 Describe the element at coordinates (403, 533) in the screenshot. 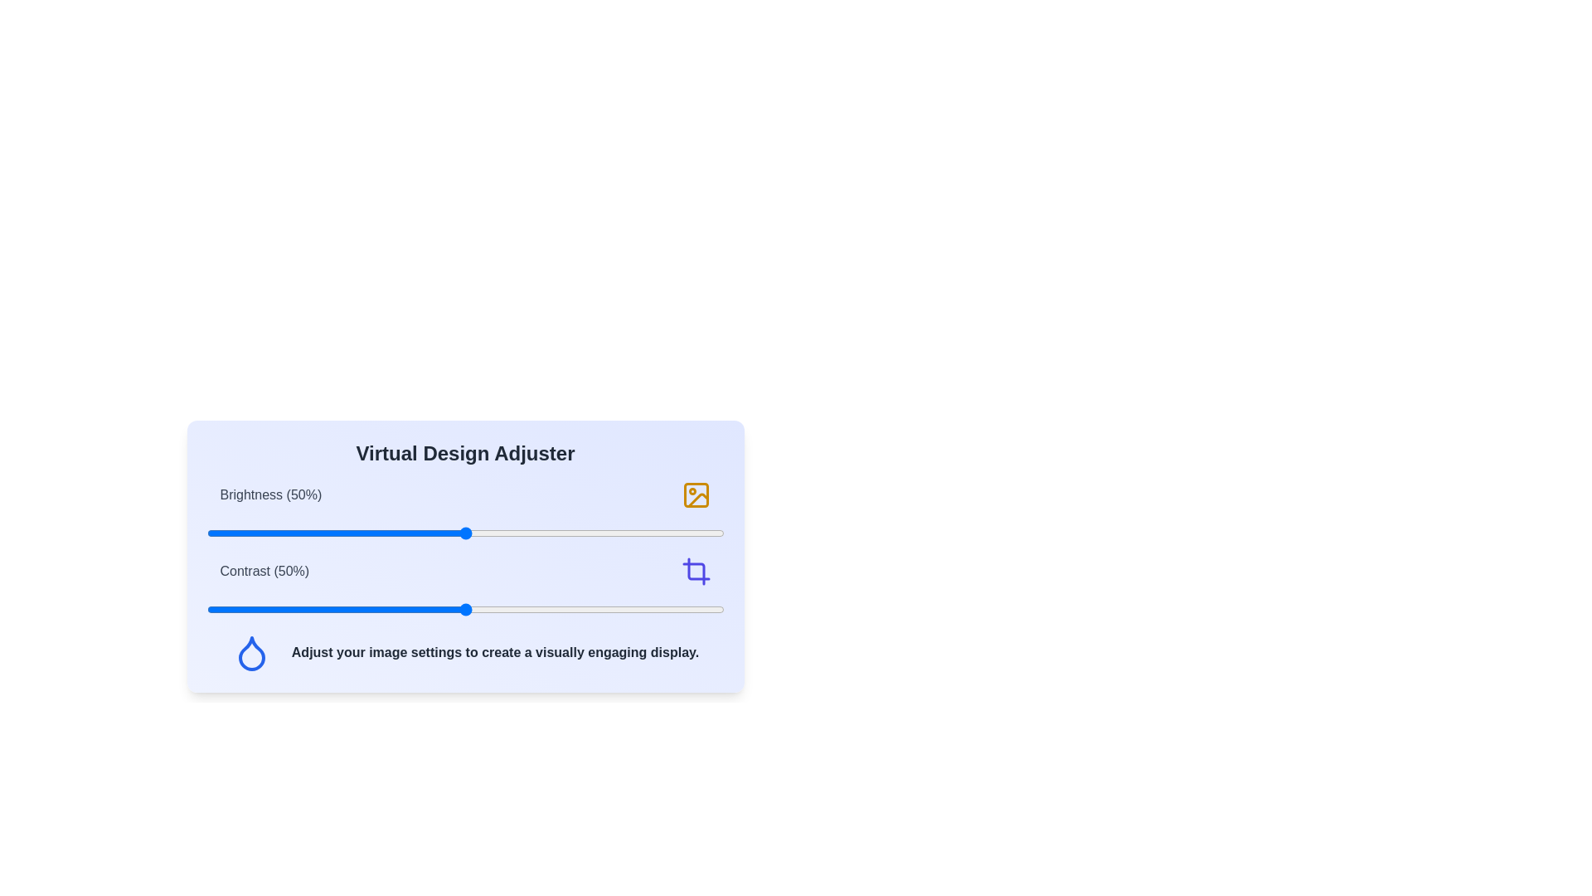

I see `the brightness slider to 38%` at that location.